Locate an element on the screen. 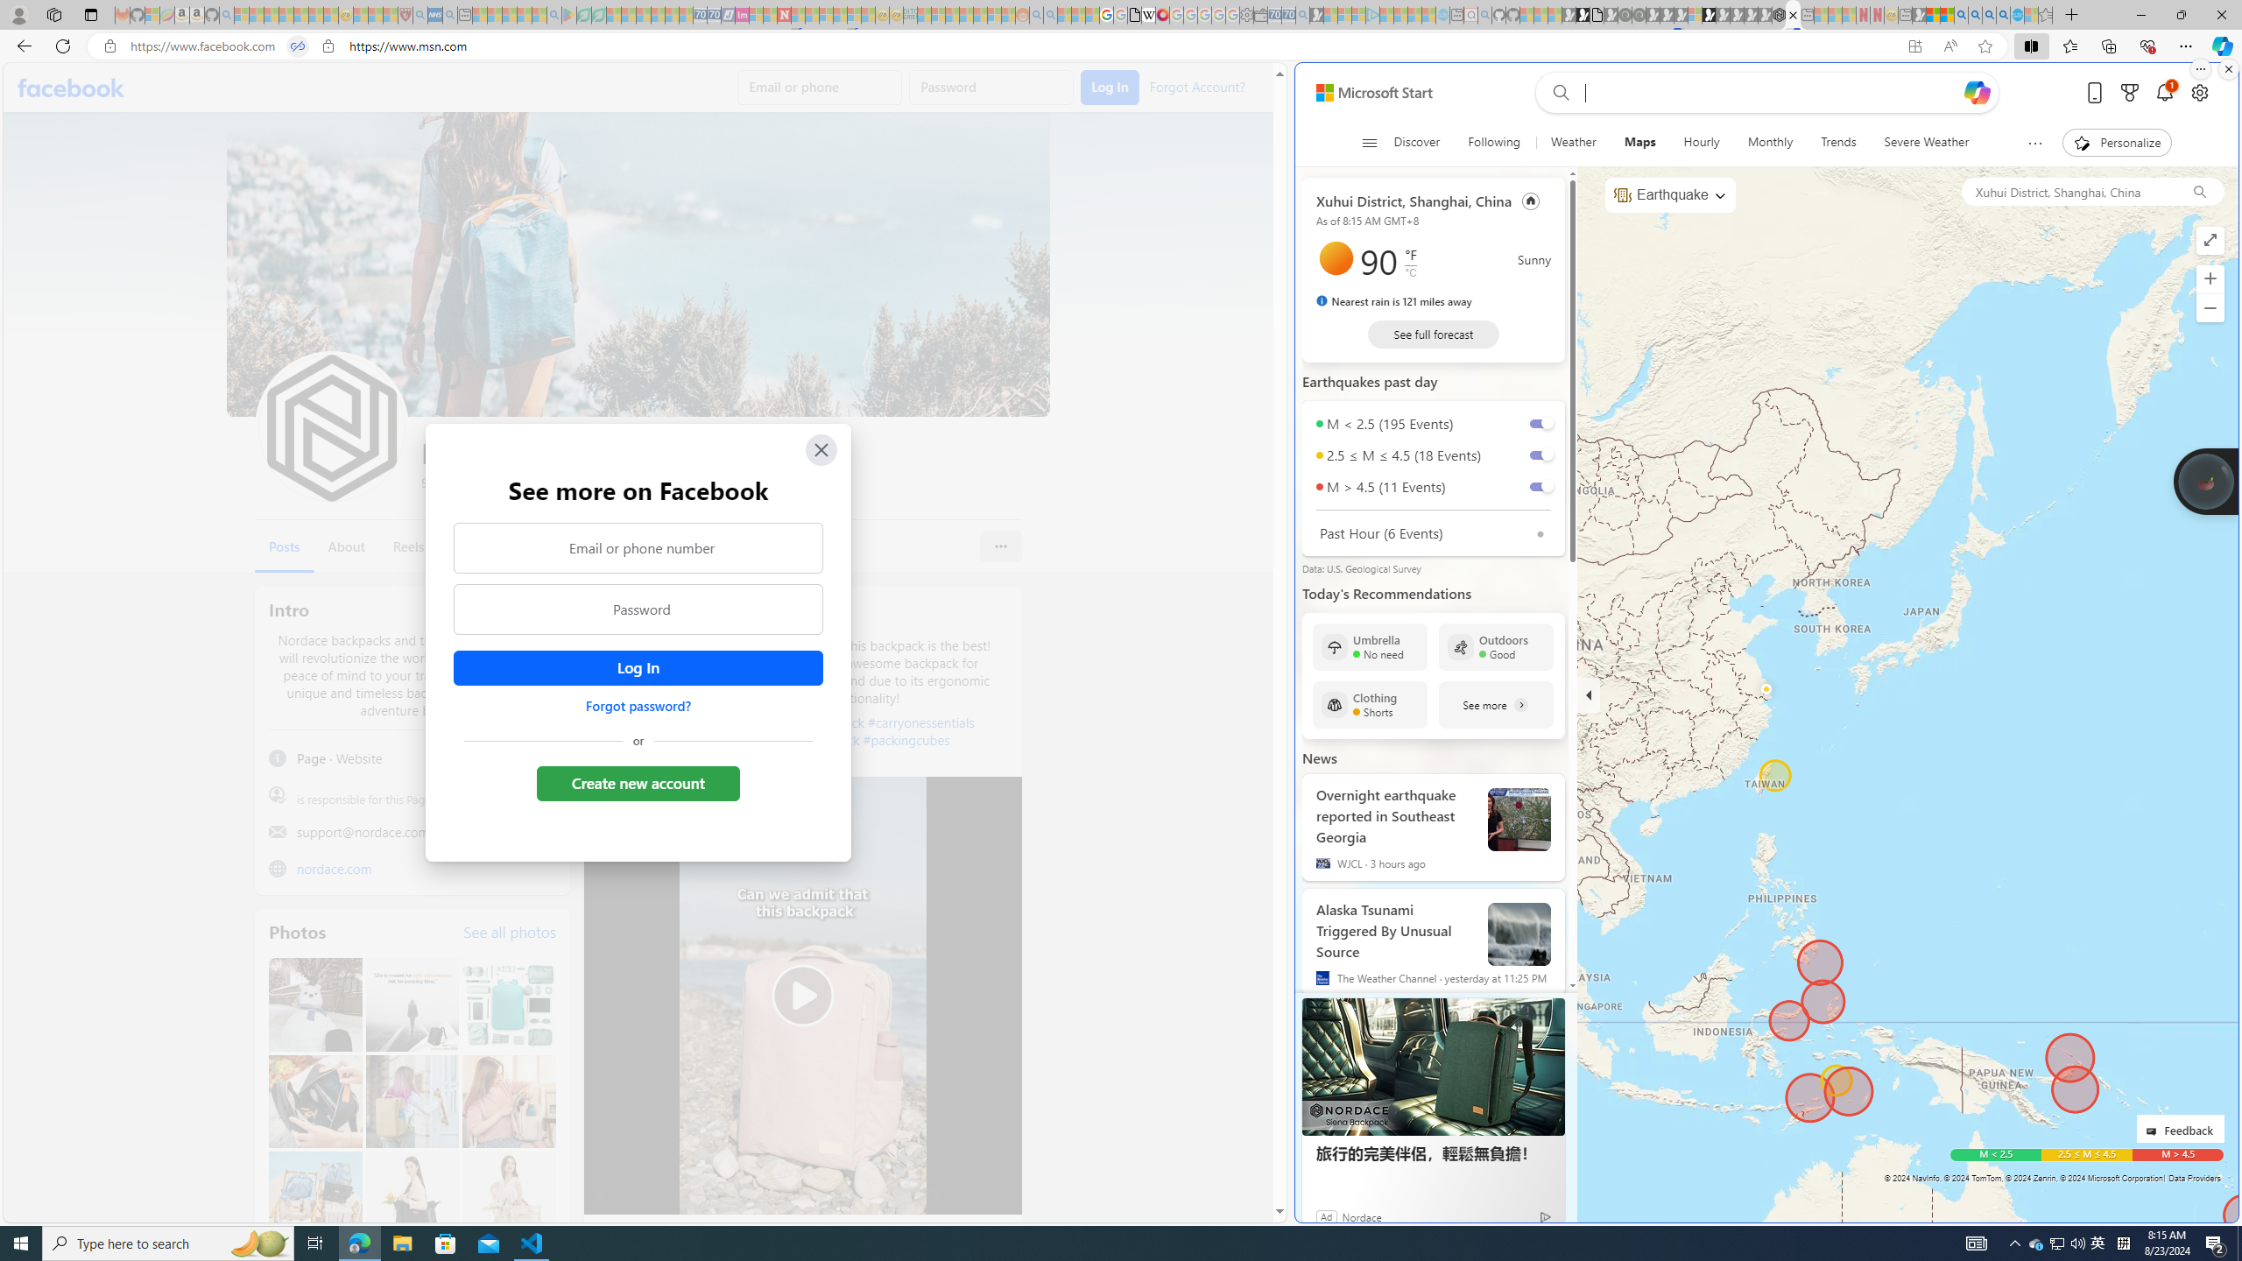 The height and width of the screenshot is (1261, 2242). 'Favorites - Sleeping' is located at coordinates (2045, 14).